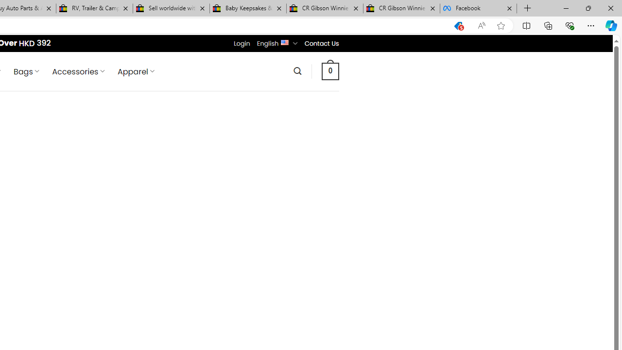  I want to click on '  0  ', so click(330, 70).